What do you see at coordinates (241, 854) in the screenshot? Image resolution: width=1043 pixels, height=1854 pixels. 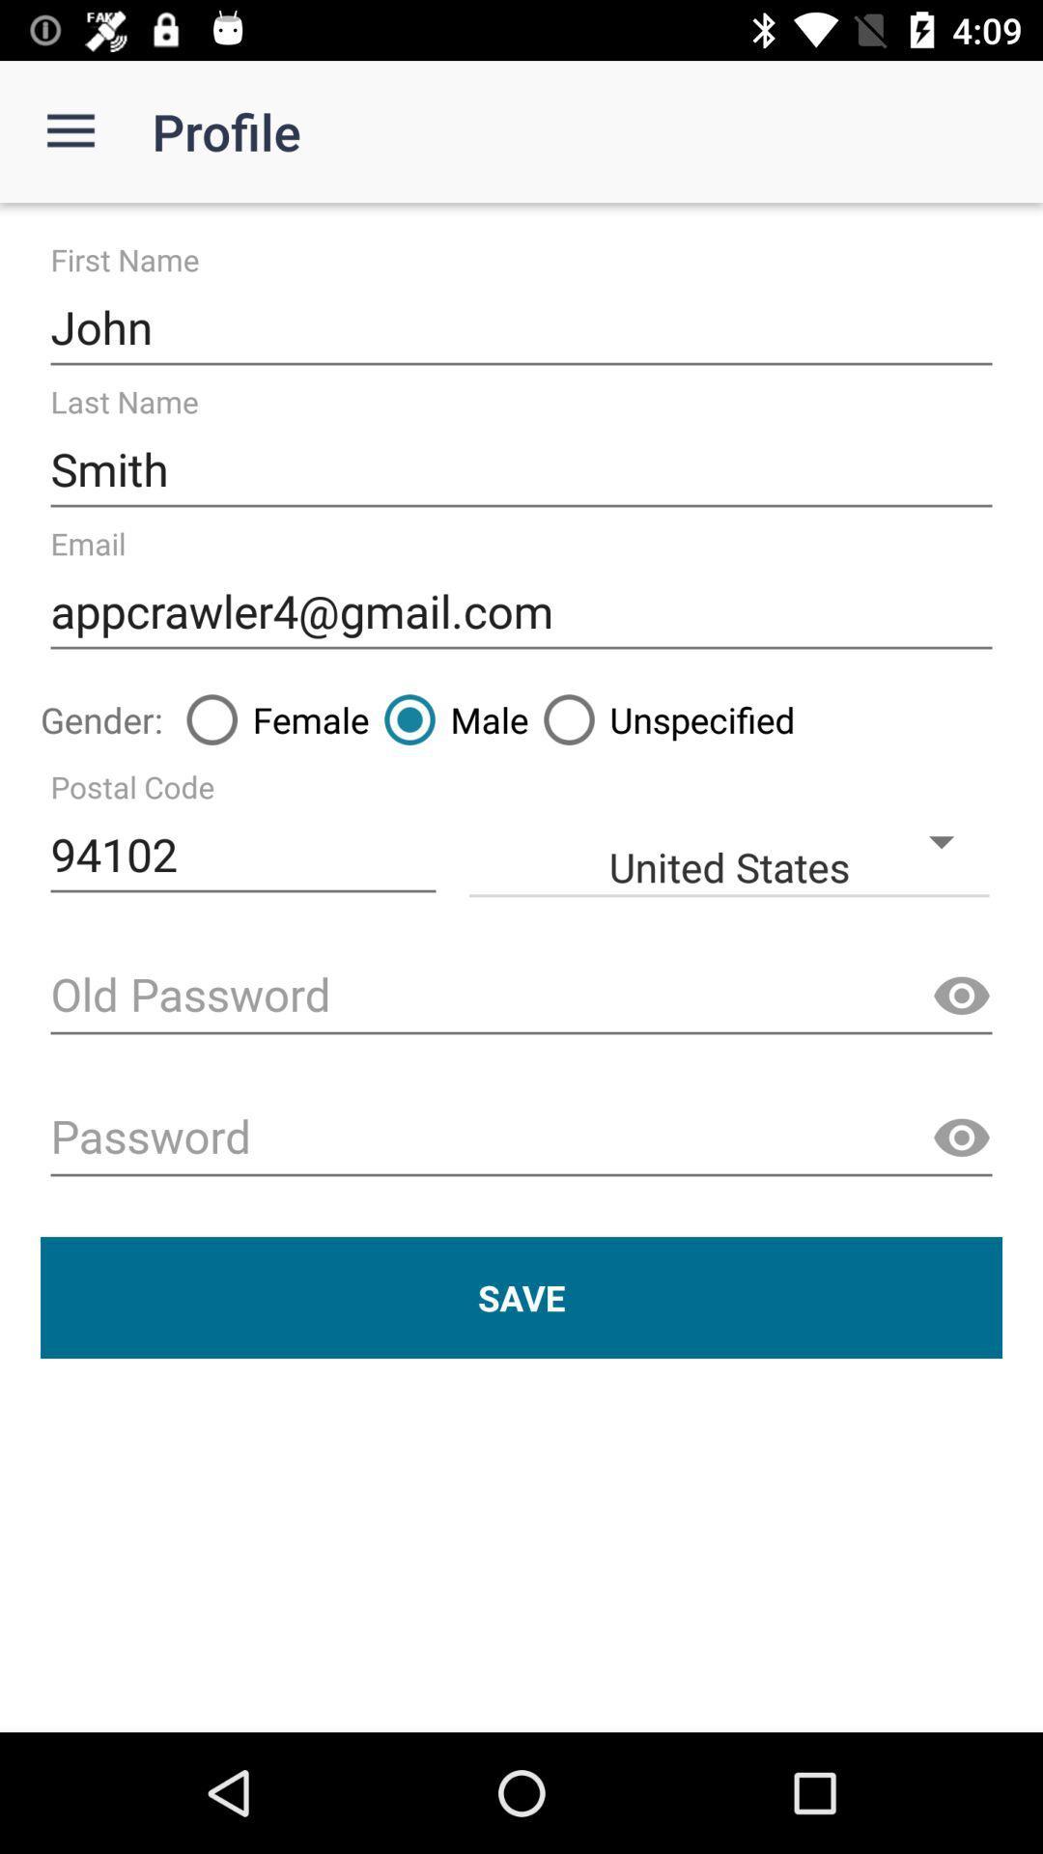 I see `the item next to united states icon` at bounding box center [241, 854].